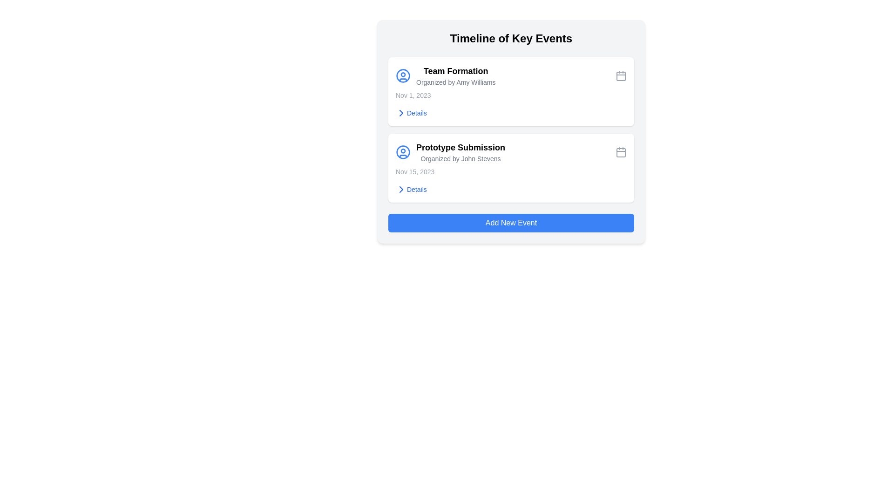 The width and height of the screenshot is (894, 503). What do you see at coordinates (401, 189) in the screenshot?
I see `the blue right-pointing chevron icon located to the left of the 'Details' text in the second card for 'Prototype Submission' in the timeline list using keyboard navigation` at bounding box center [401, 189].